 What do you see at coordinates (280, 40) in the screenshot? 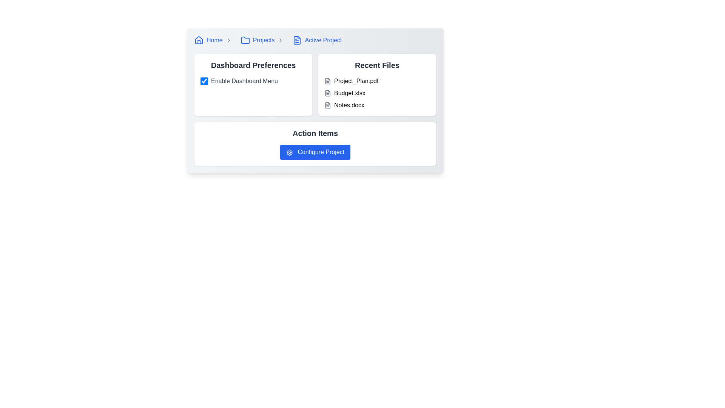
I see `the chevron icon that separates the 'Projects' and 'Active Project' links in the breadcrumb navigation` at bounding box center [280, 40].